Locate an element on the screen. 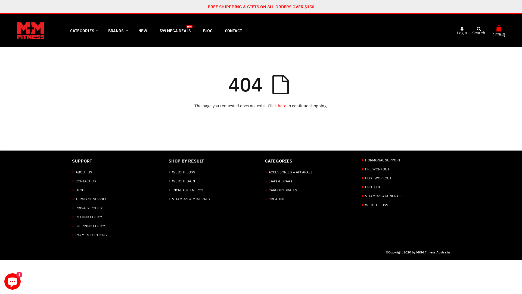 The image size is (522, 294). 'BRANDS' is located at coordinates (117, 30).